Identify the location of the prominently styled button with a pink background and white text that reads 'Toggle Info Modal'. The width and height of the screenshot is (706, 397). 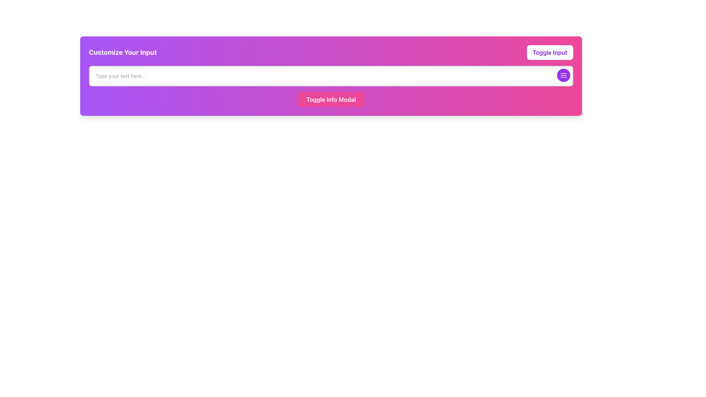
(331, 99).